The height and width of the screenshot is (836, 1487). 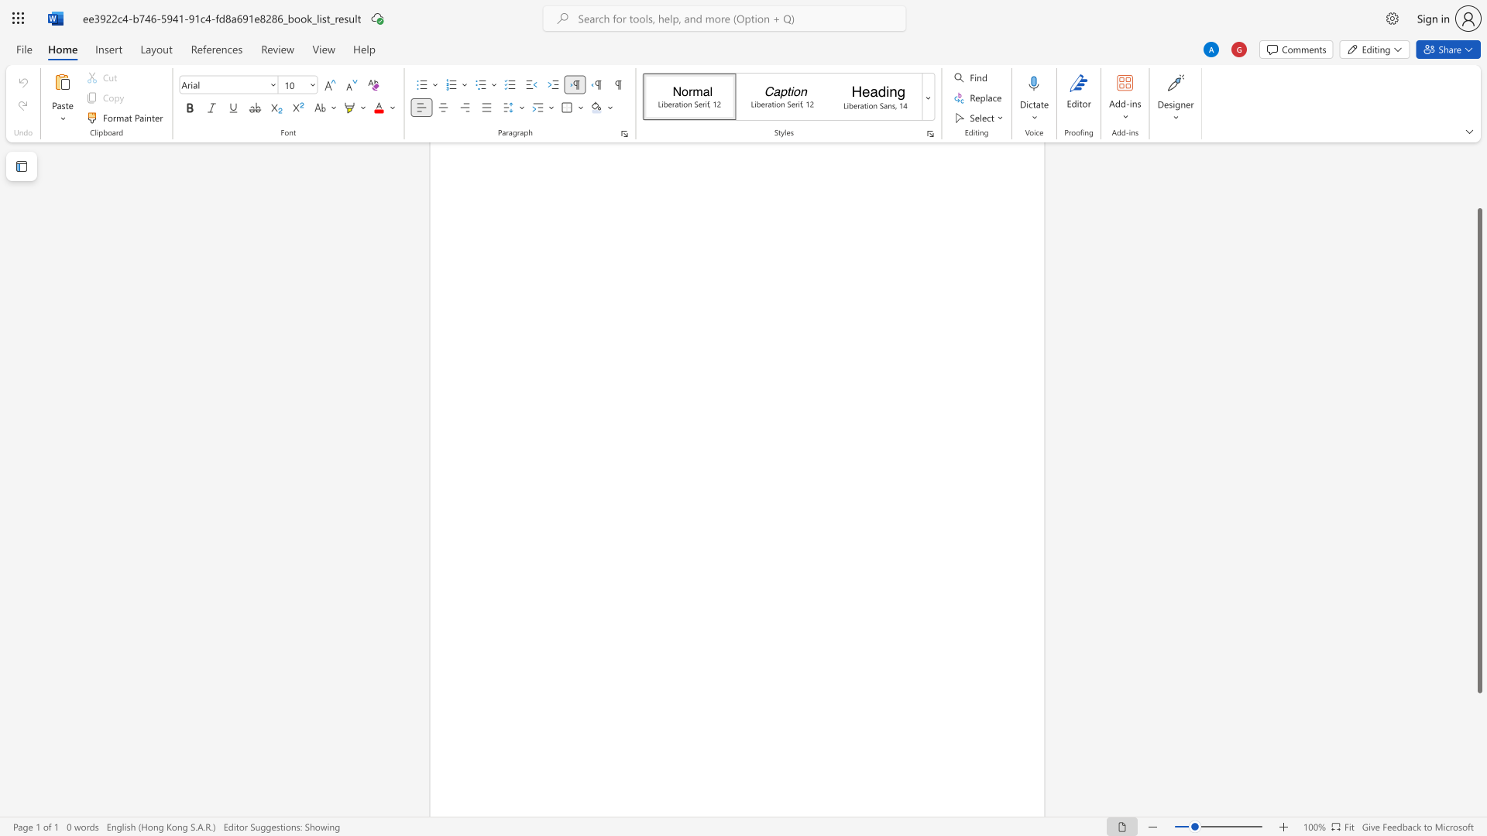 I want to click on the vertical scrollbar to raise the page content, so click(x=1478, y=193).